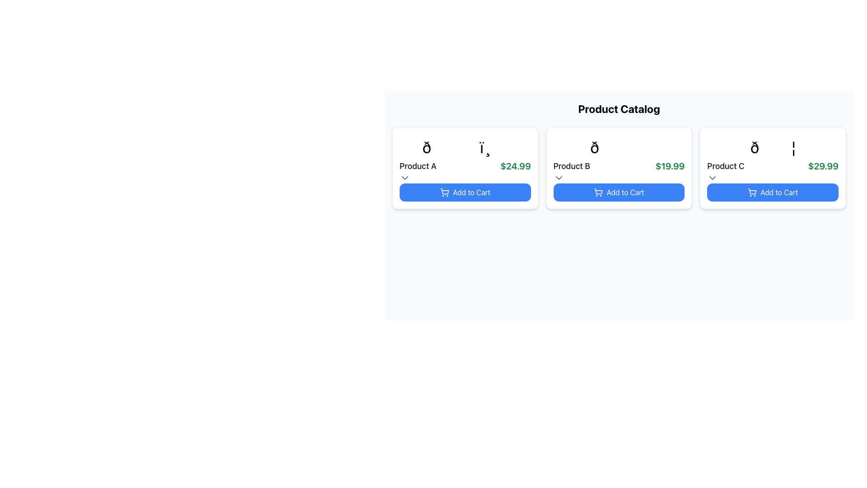 The image size is (867, 488). Describe the element at coordinates (417, 166) in the screenshot. I see `the text label 'Product A' located in the first product tile on the left in the product catalog grid` at that location.